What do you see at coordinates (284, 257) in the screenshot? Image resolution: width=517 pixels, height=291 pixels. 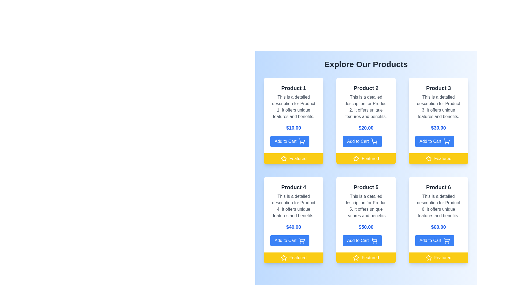 I see `the styling of the star graphic icon located beneath the 'Add to Cart' button for 'Product 4' in the yellow 'Featured' bar` at bounding box center [284, 257].